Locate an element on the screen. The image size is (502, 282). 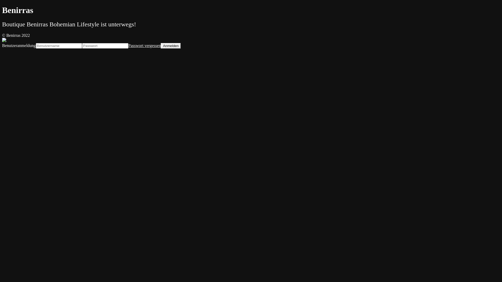
'Passwort vergessen' is located at coordinates (145, 45).